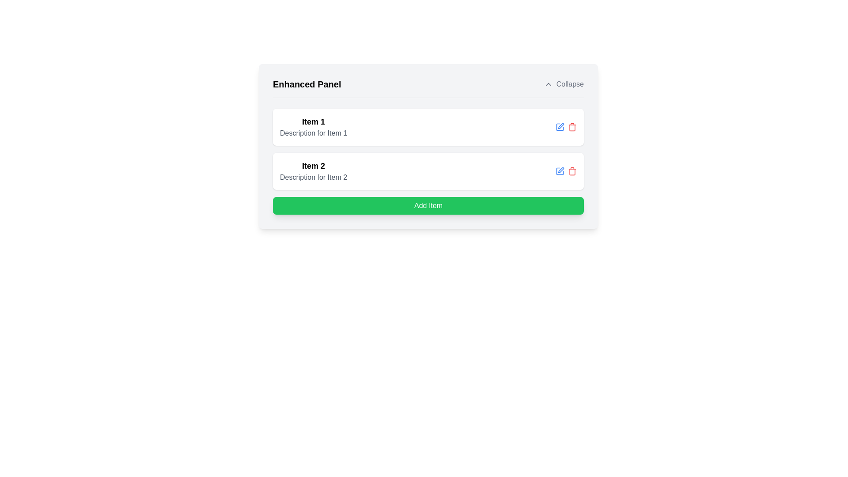  What do you see at coordinates (314, 127) in the screenshot?
I see `the List item containing the title 'Item 1' and description 'Description for Item 1', which is the first element in the vertical list below the header 'Enhanced Panel'` at bounding box center [314, 127].